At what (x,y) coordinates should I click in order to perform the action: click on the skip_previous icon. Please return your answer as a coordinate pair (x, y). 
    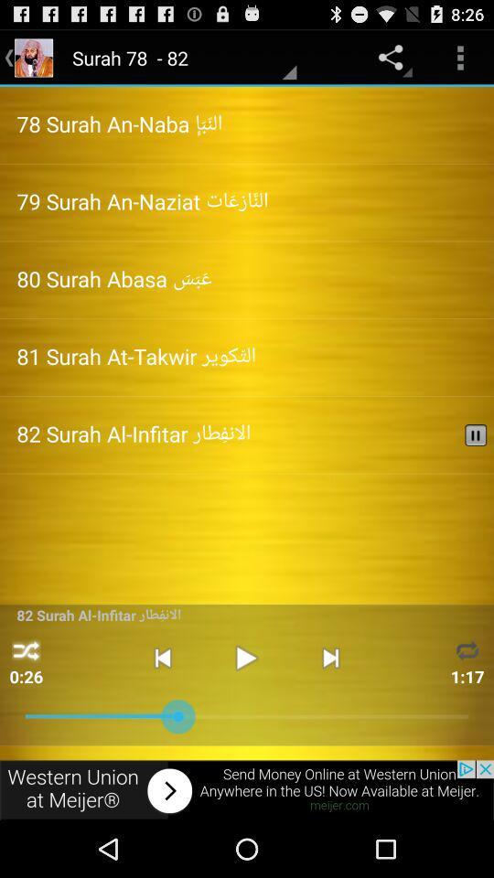
    Looking at the image, I should click on (162, 702).